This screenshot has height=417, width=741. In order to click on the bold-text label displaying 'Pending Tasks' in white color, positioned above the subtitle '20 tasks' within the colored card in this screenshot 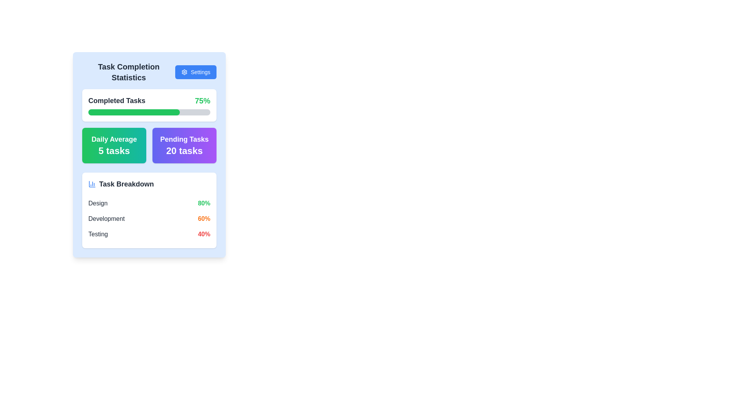, I will do `click(184, 139)`.